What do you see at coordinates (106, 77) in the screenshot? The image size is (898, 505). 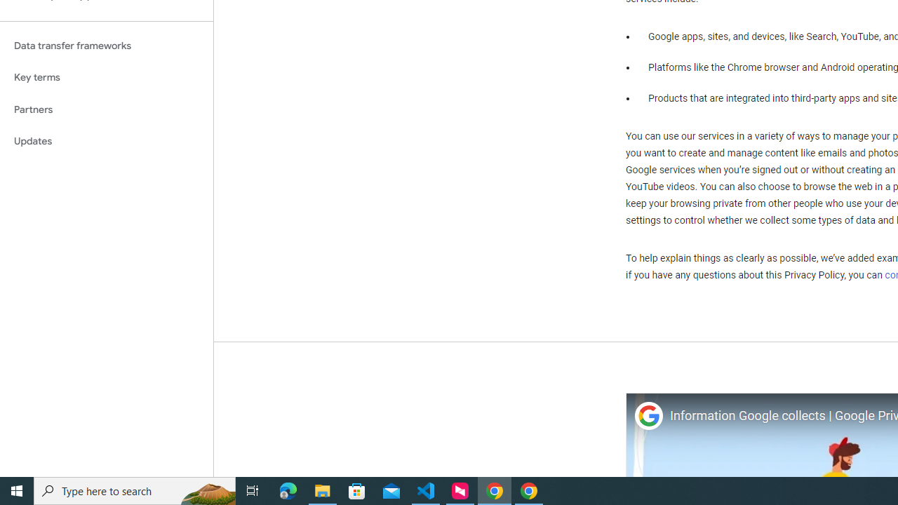 I see `'Key terms'` at bounding box center [106, 77].